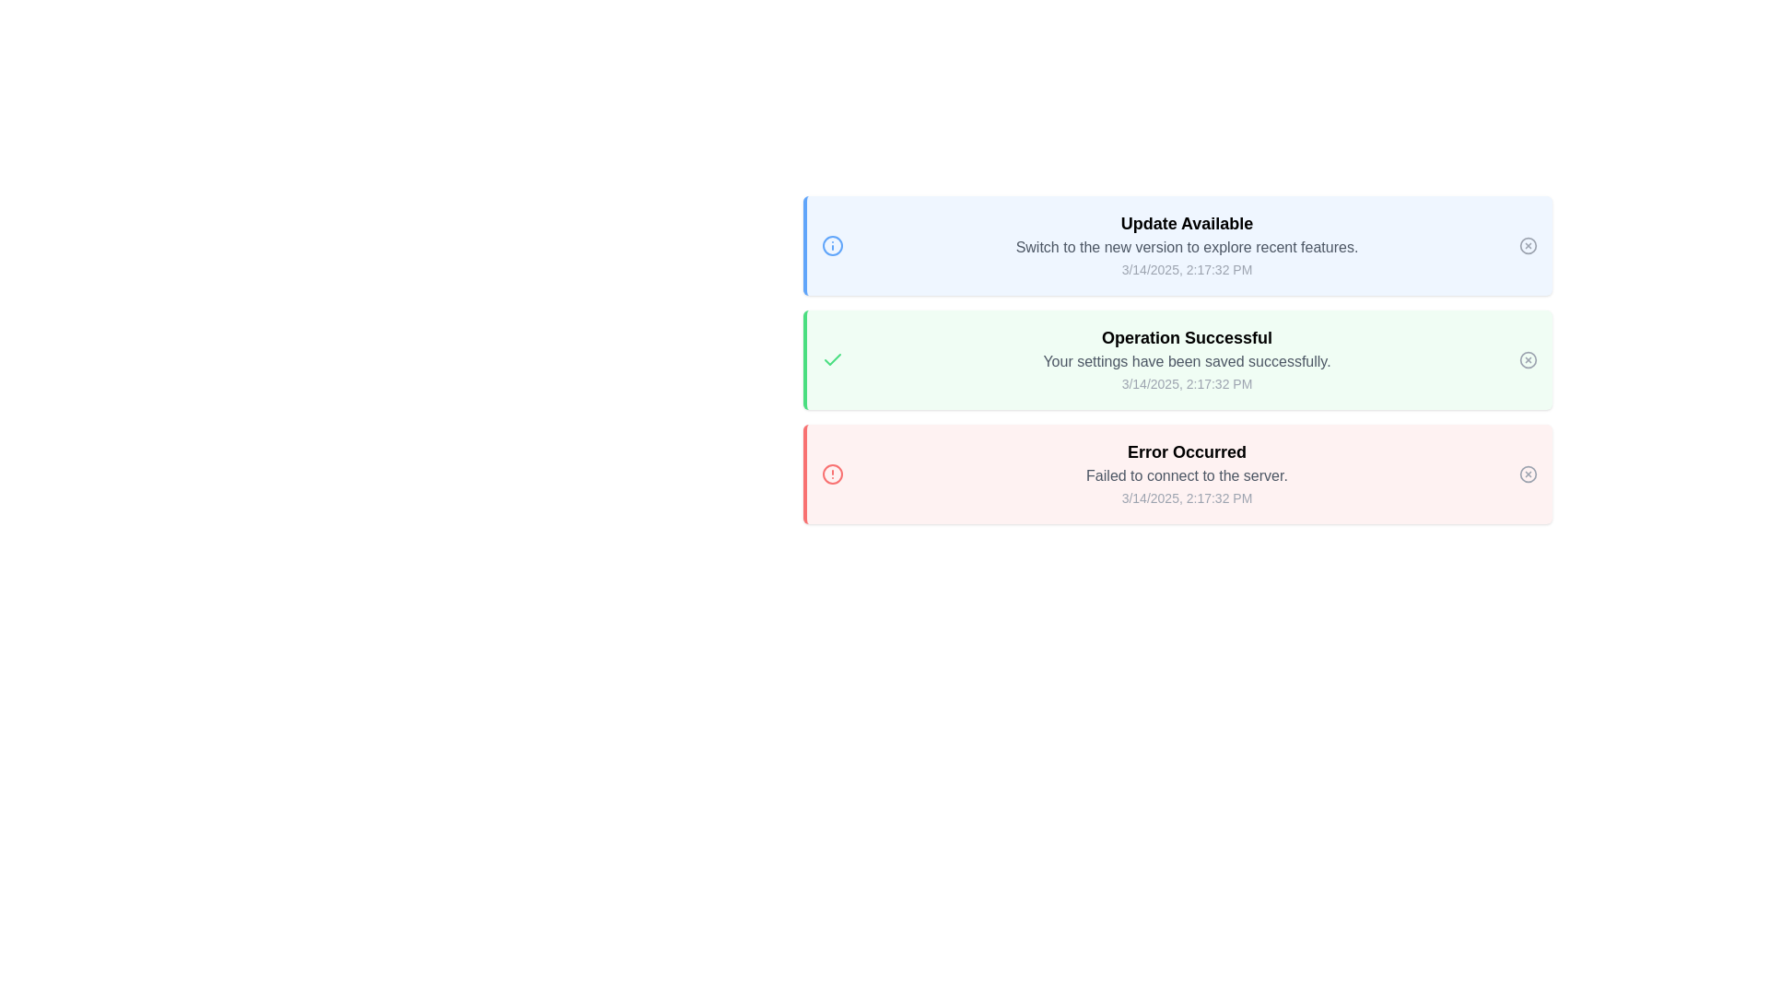  Describe the element at coordinates (1187, 270) in the screenshot. I see `text displayed at the bottom of the blue notification box labeled 'Update Available', which shows the date and time '3/14/2025, 2:17:32 PM'` at that location.